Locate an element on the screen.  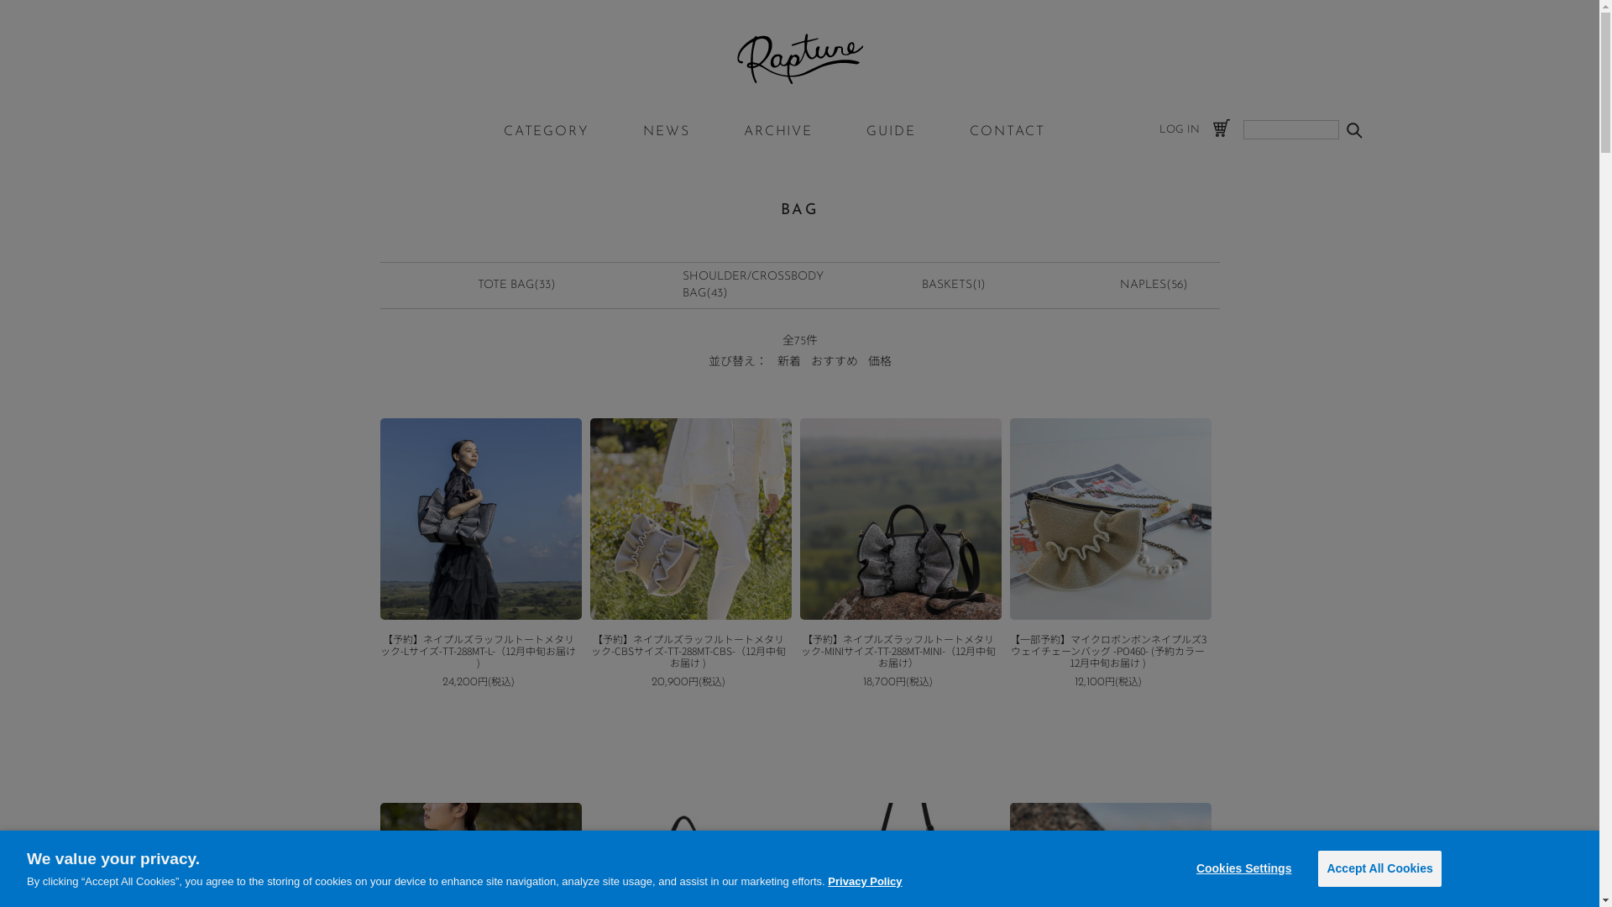
'CONTACT' is located at coordinates (1007, 131).